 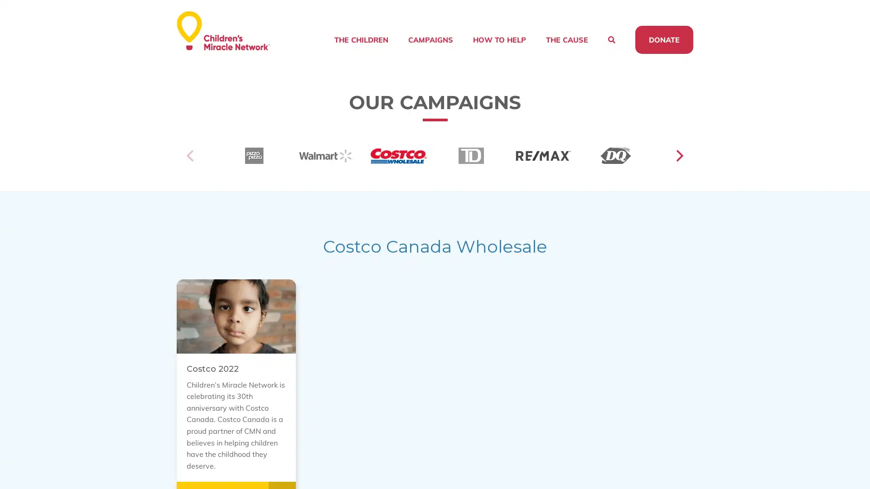 I want to click on Previous, so click(x=191, y=167).